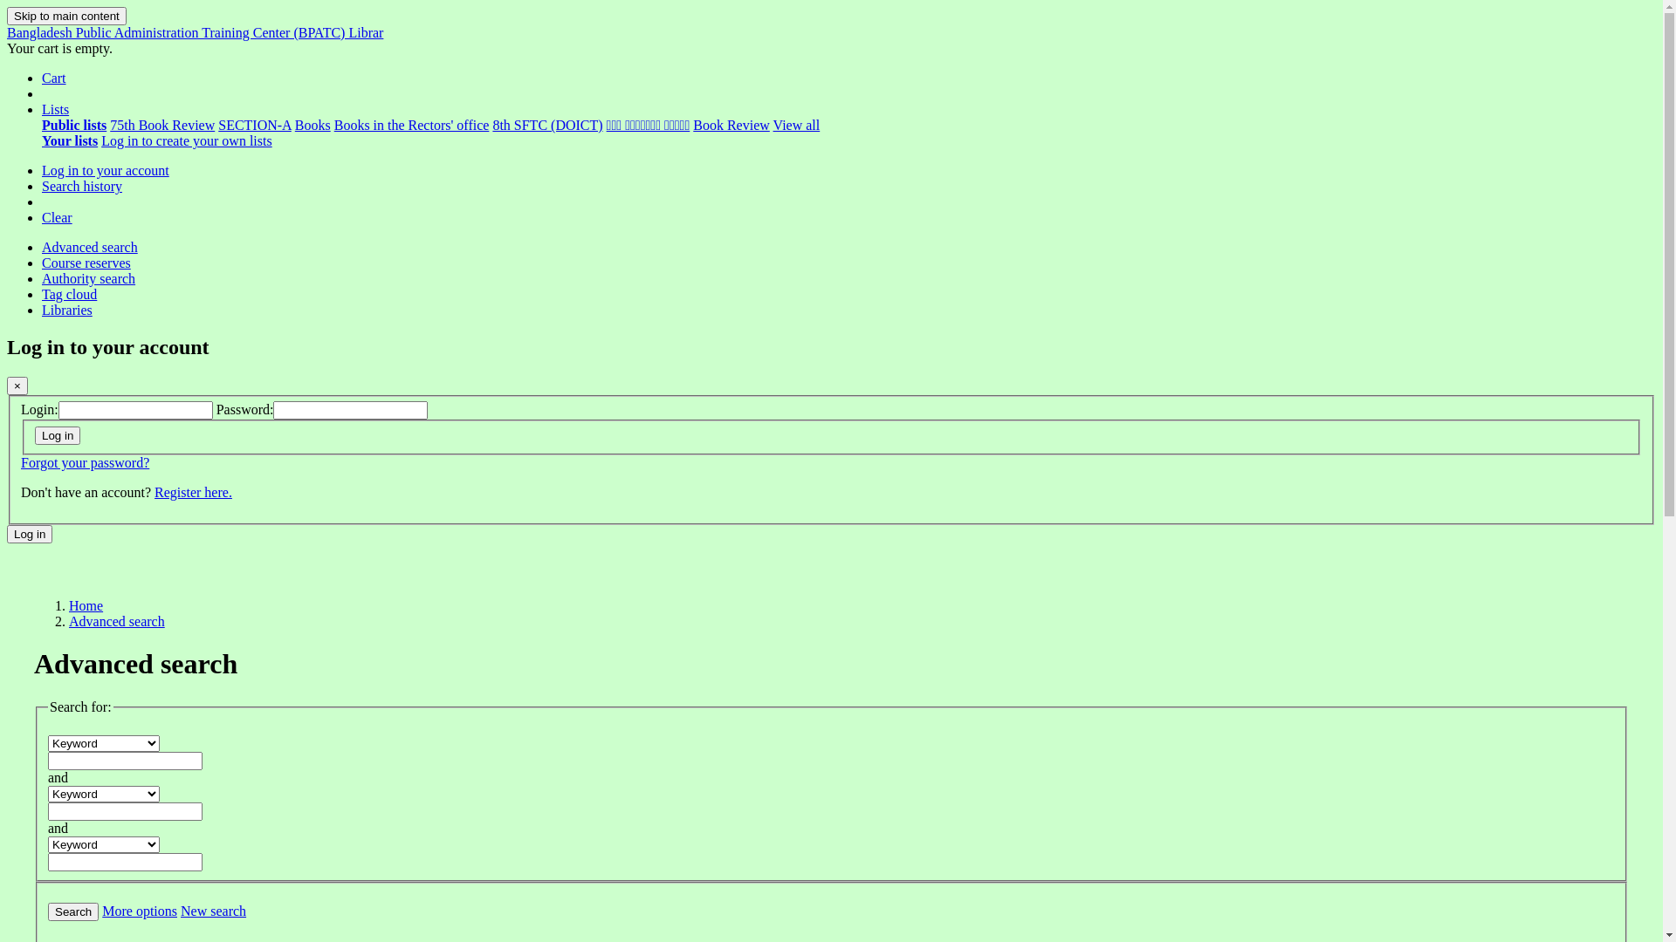 This screenshot has width=1676, height=942. Describe the element at coordinates (81, 186) in the screenshot. I see `'Search history'` at that location.